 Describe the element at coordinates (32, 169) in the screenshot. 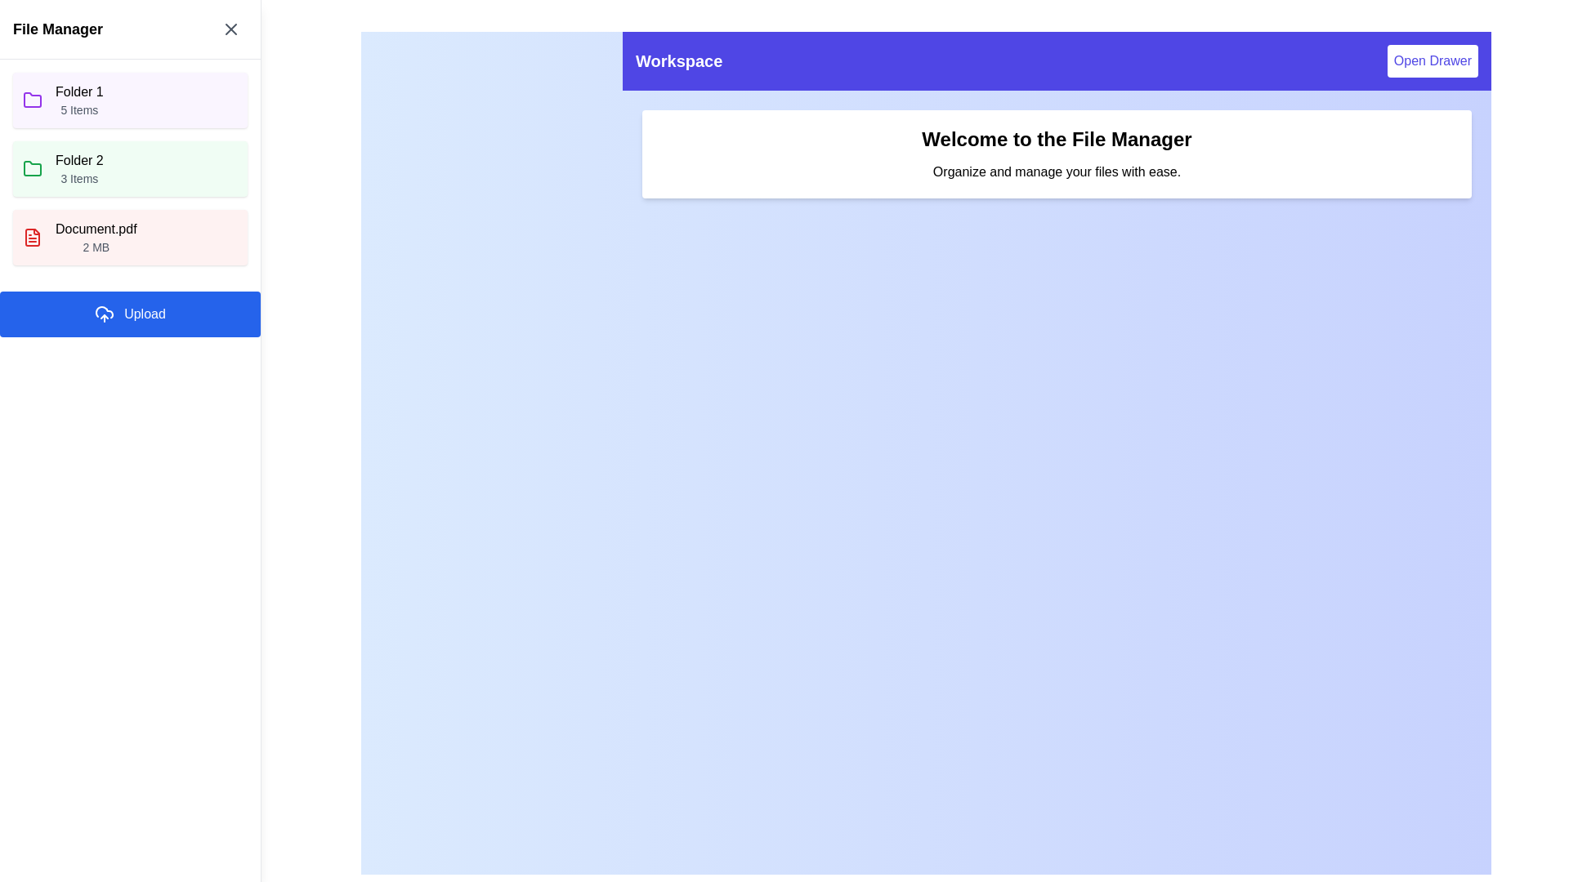

I see `the folder icon representing 'Folder 2' in the file manager interface, which is located in the sidebar next to the text 'Folder 2 3 Items'` at that location.